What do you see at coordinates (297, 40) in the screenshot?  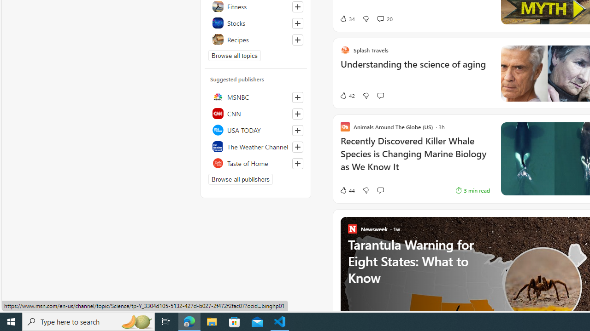 I see `'Follow this topic'` at bounding box center [297, 40].